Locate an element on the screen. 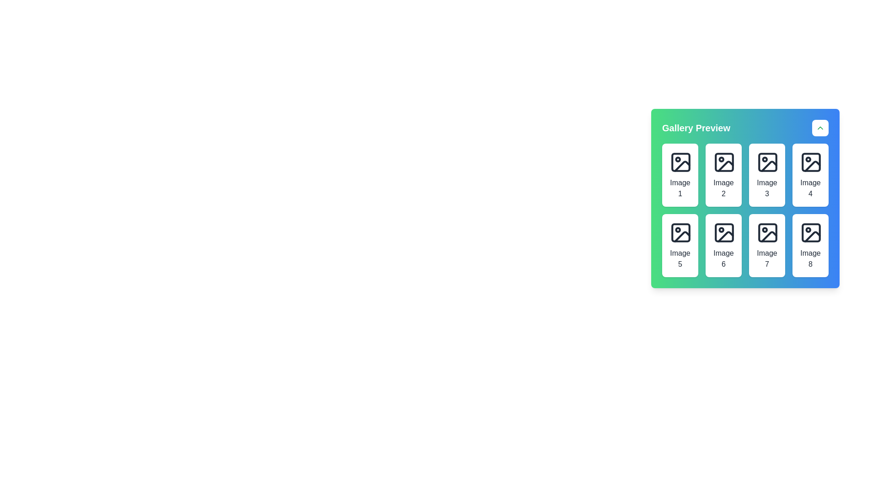 The height and width of the screenshot is (494, 878). the image icon labeled 'Image 4' located is located at coordinates (811, 161).